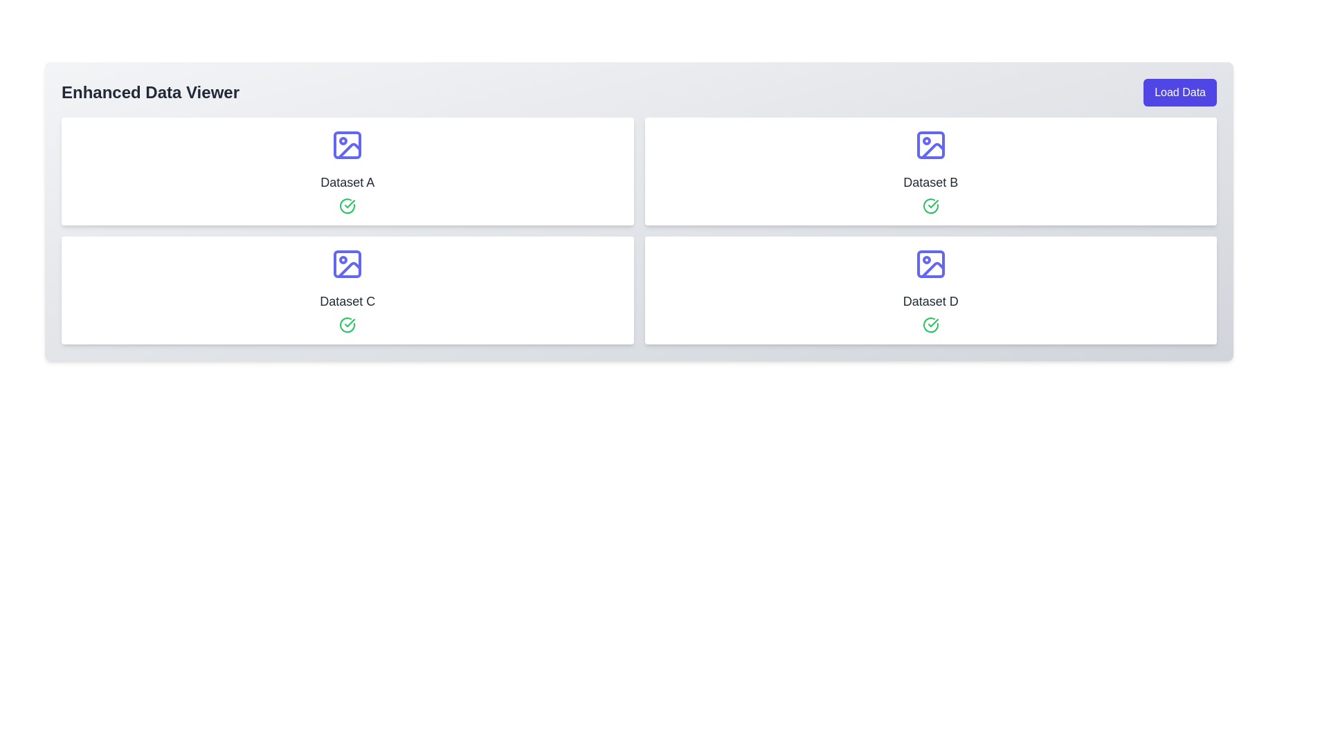 This screenshot has height=747, width=1329. What do you see at coordinates (930, 264) in the screenshot?
I see `the bottom-right violet image icon representing 'Dataset D' in a 2x2 grid layout to select it` at bounding box center [930, 264].